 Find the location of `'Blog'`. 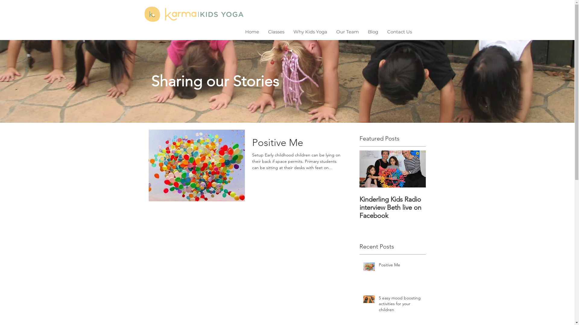

'Blog' is located at coordinates (363, 32).